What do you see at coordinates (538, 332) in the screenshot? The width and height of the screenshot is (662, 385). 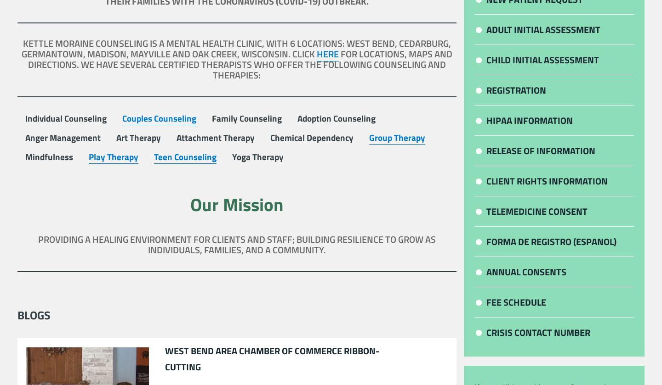 I see `'Crisis Contact Number'` at bounding box center [538, 332].